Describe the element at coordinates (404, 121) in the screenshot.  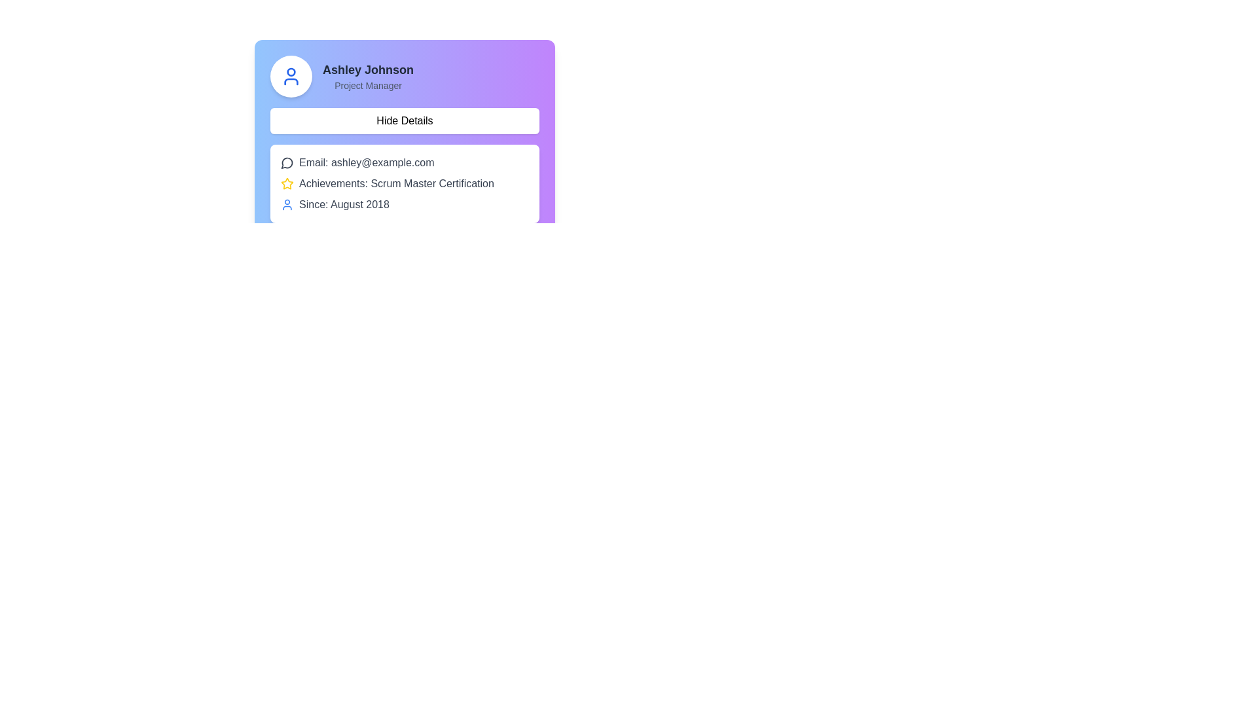
I see `the button below 'Ashley Johnson' and 'Project Manager' to hide the additional details about the associated person` at that location.